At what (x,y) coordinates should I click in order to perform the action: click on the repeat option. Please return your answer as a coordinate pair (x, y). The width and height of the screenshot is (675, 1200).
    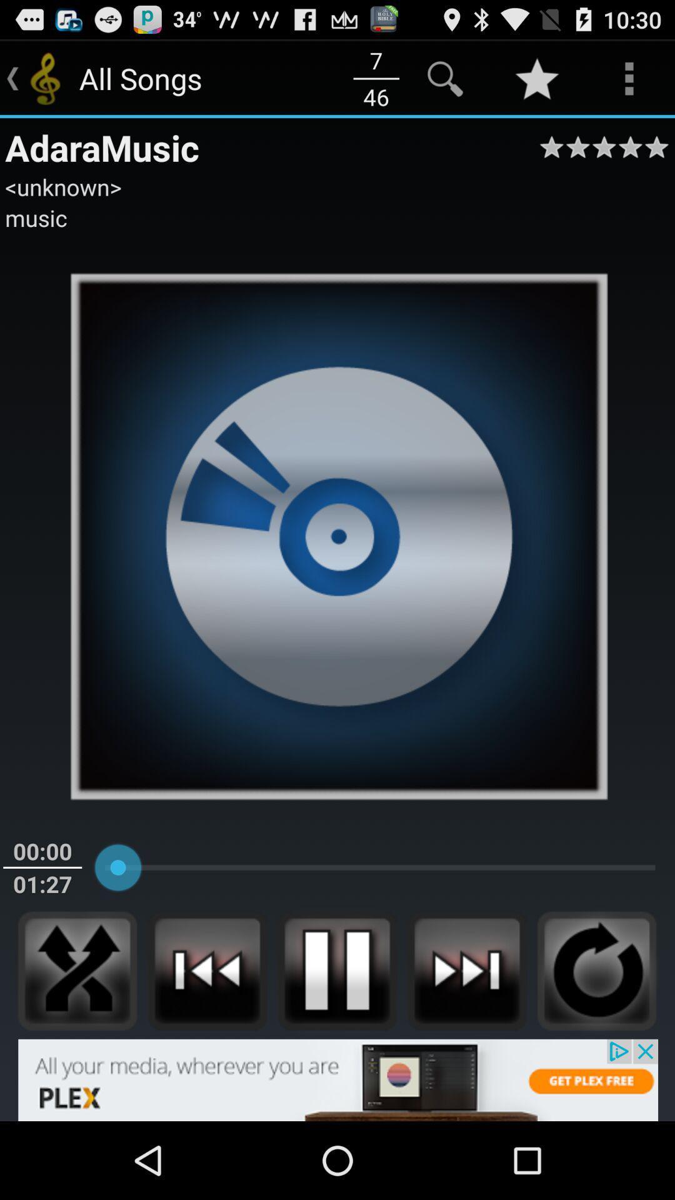
    Looking at the image, I should click on (596, 971).